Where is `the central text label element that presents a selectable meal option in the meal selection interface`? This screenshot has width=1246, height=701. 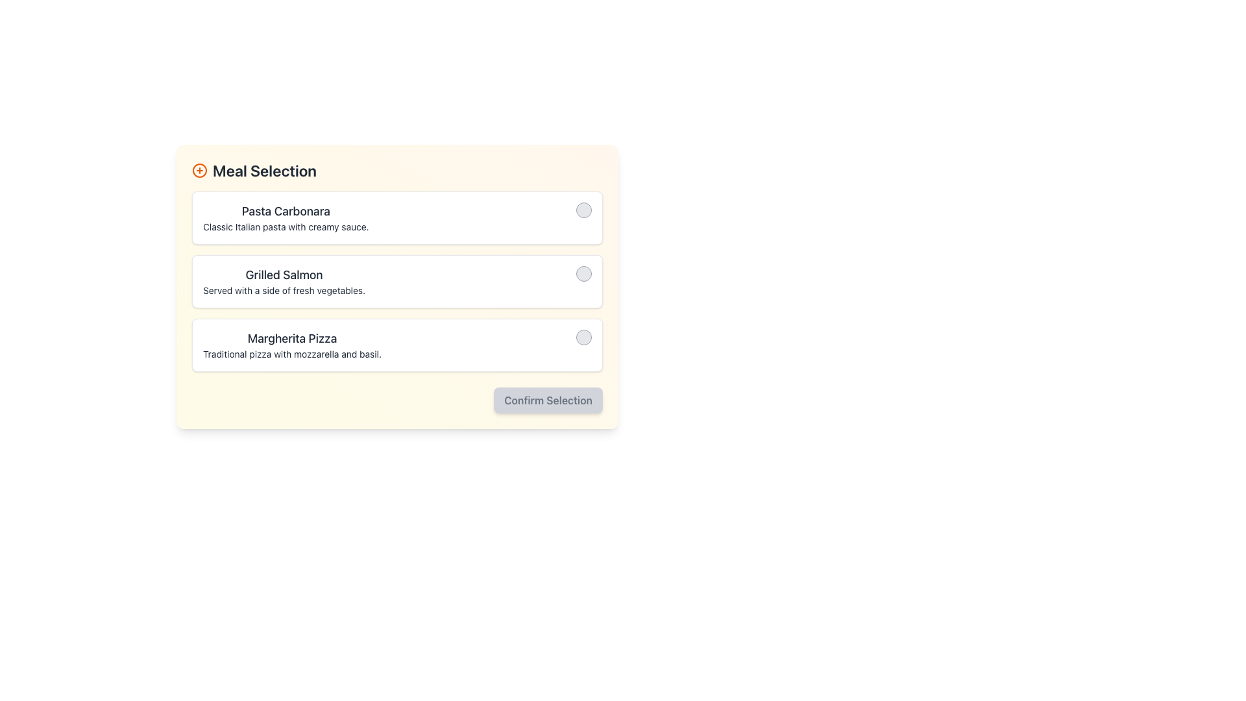 the central text label element that presents a selectable meal option in the meal selection interface is located at coordinates (284, 281).